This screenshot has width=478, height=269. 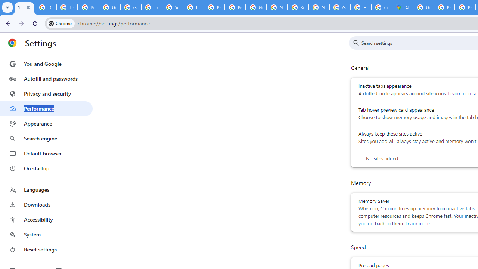 I want to click on 'Autofill and passwords', so click(x=46, y=78).